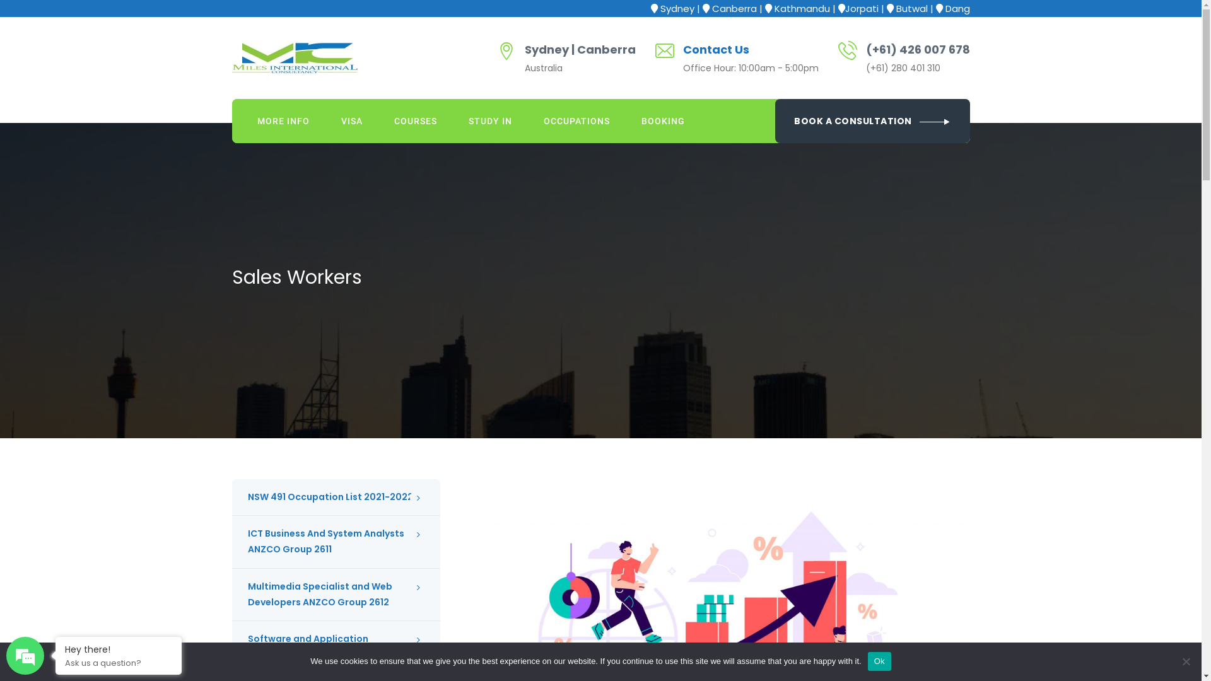  Describe the element at coordinates (241, 121) in the screenshot. I see `'MORE INFO'` at that location.